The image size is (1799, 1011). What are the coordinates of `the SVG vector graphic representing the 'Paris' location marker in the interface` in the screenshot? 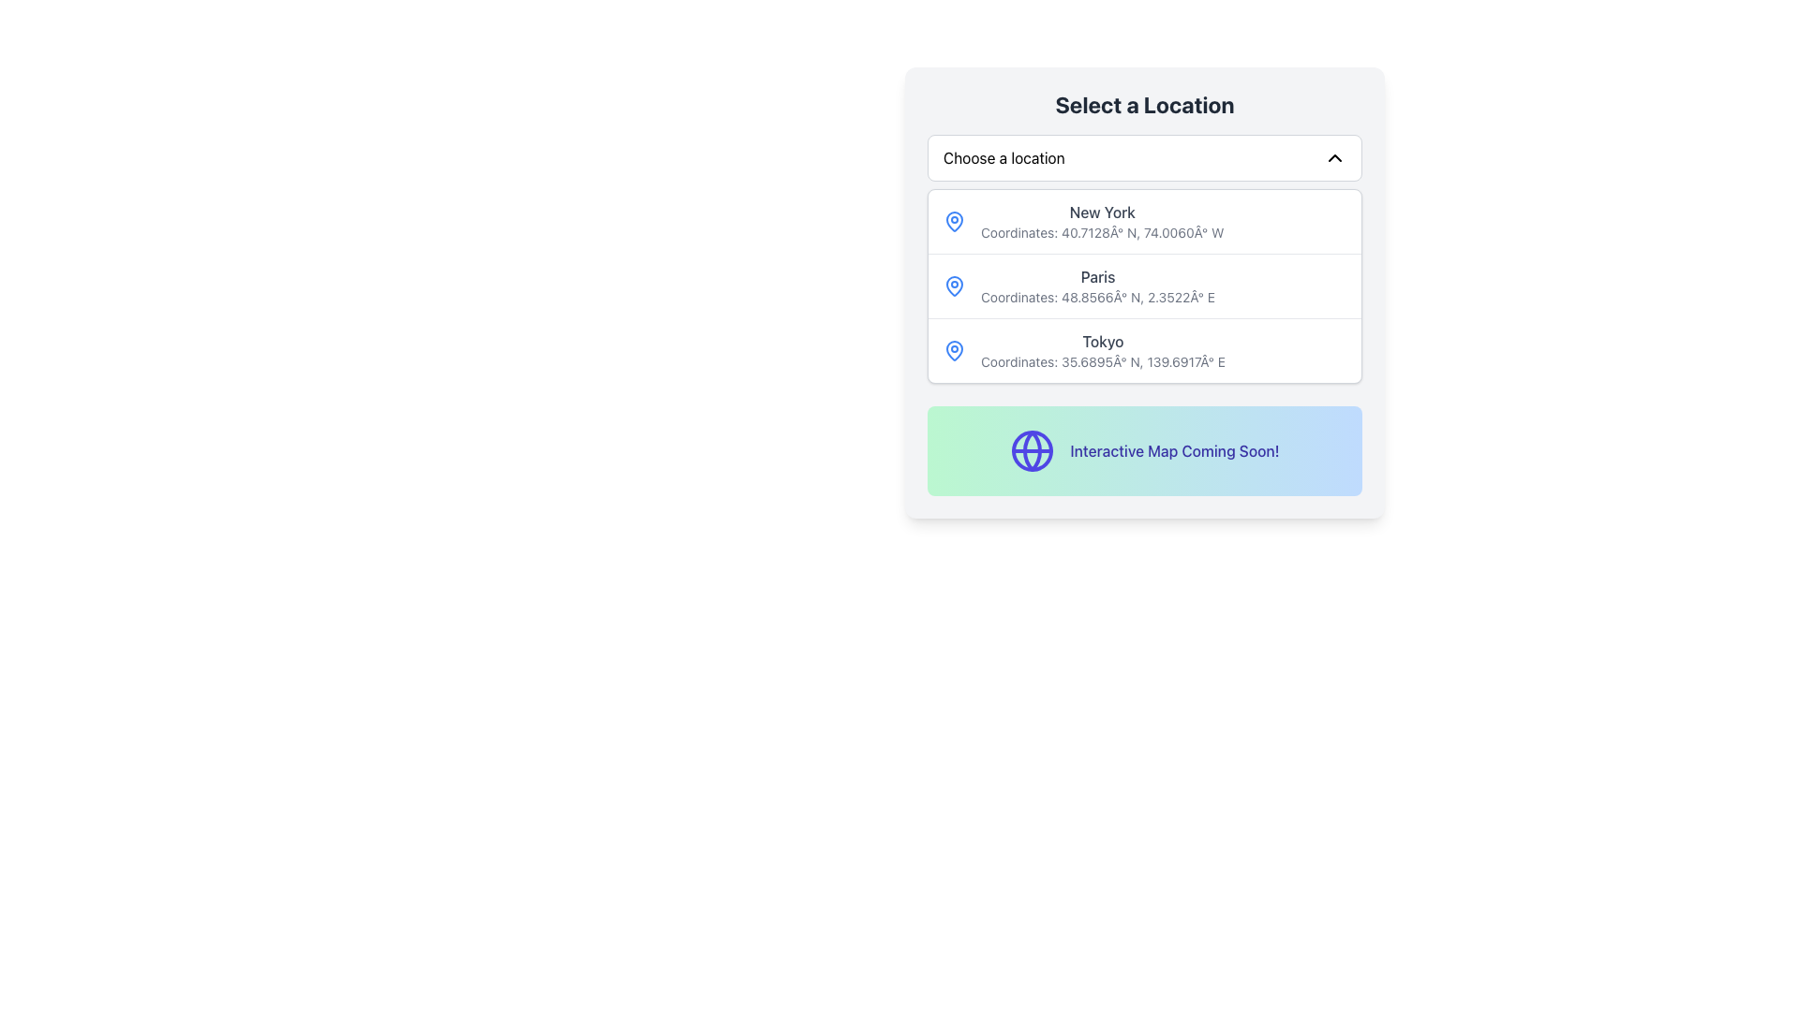 It's located at (954, 285).